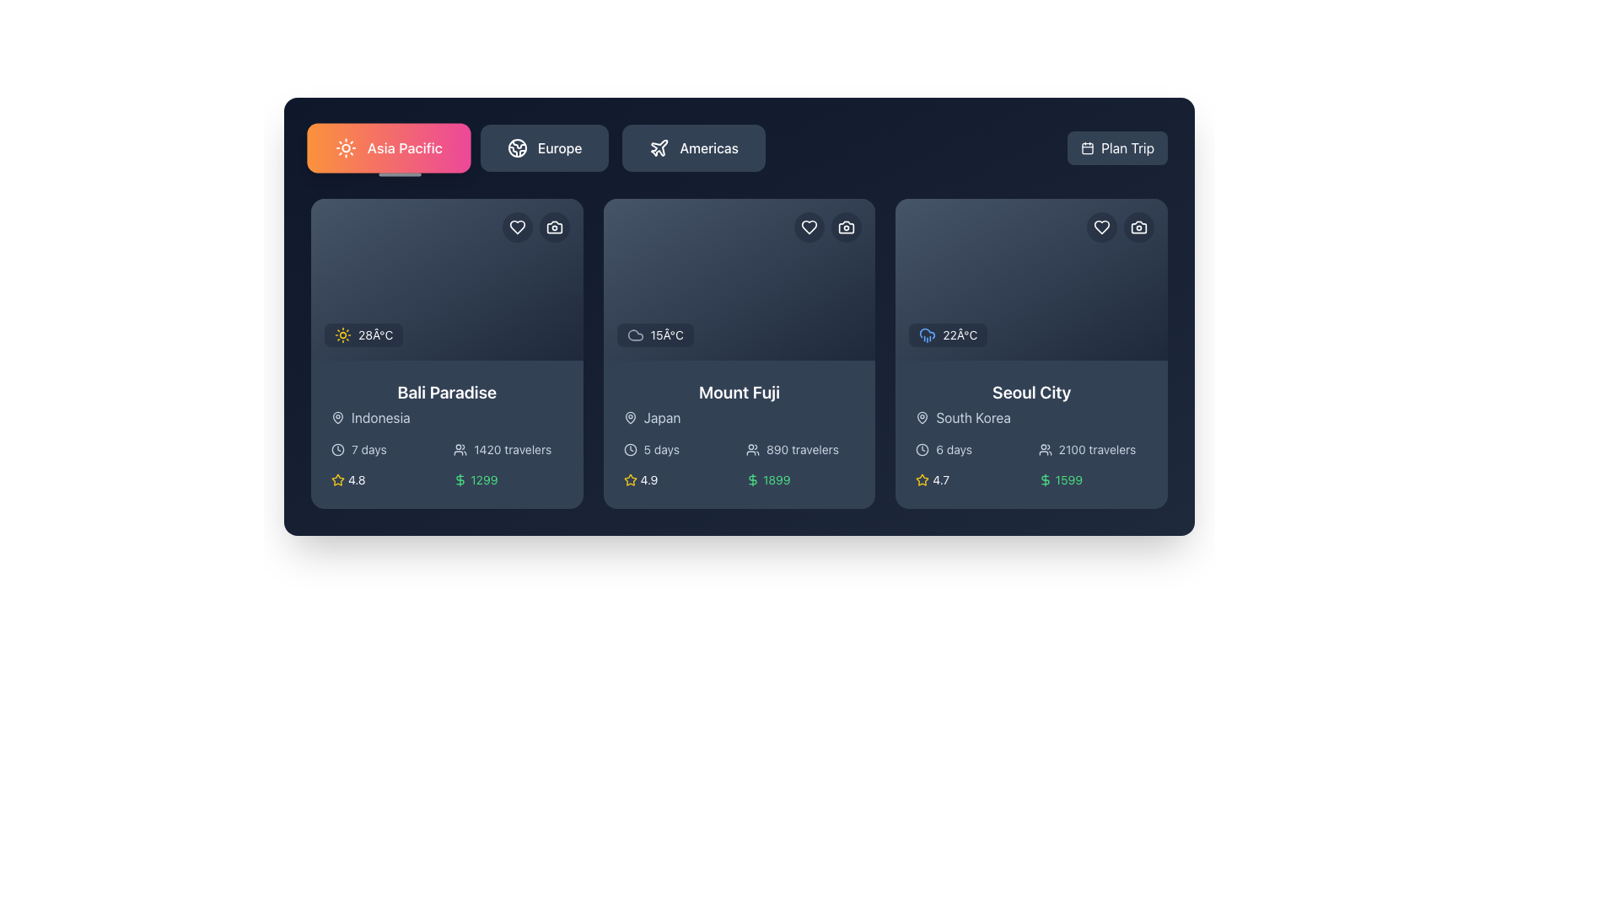  Describe the element at coordinates (740, 434) in the screenshot. I see `the informational card for Mount Fuji located` at that location.